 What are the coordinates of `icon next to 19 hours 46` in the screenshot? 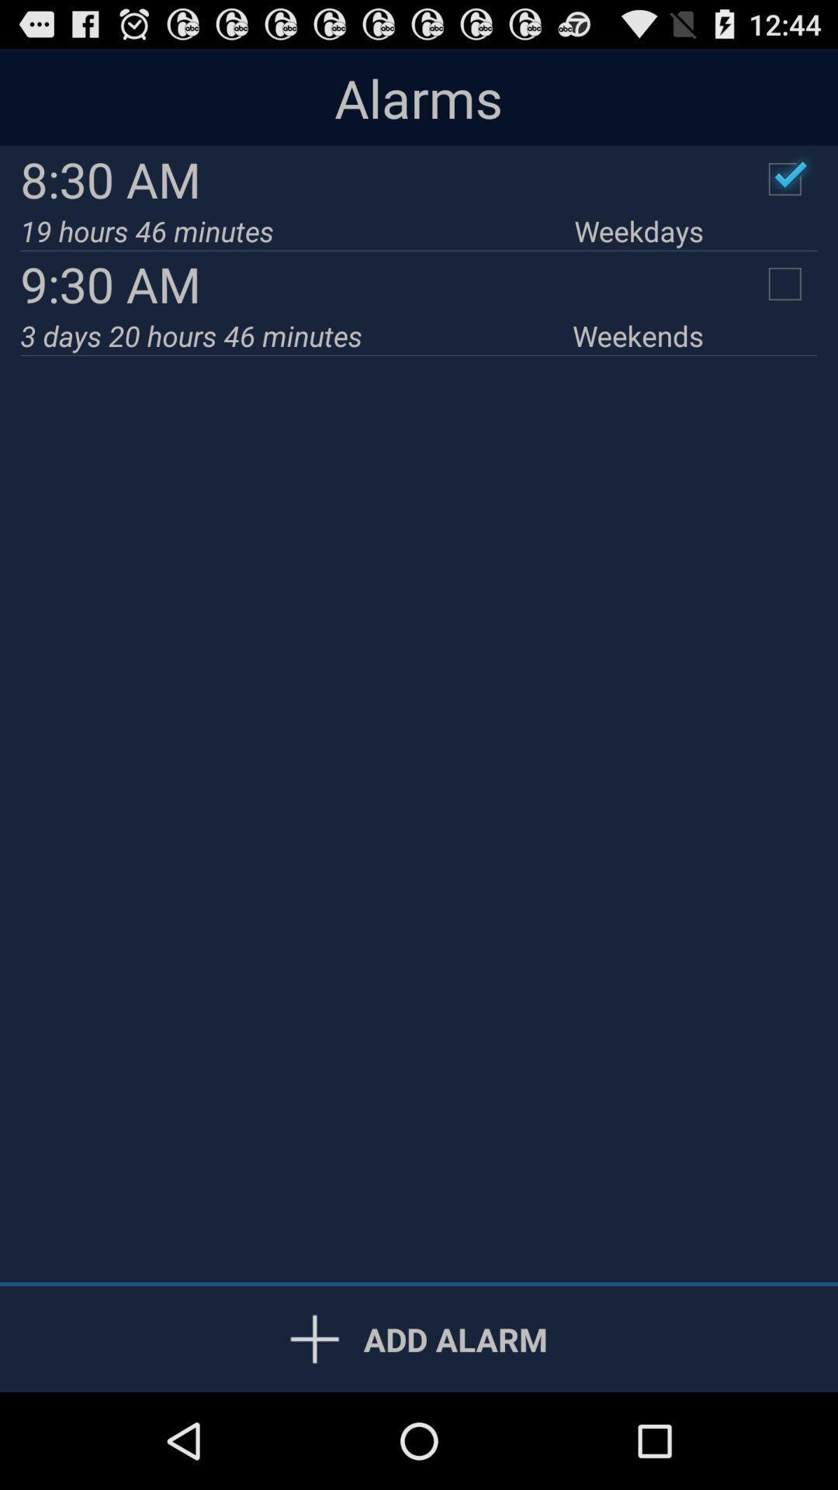 It's located at (639, 230).